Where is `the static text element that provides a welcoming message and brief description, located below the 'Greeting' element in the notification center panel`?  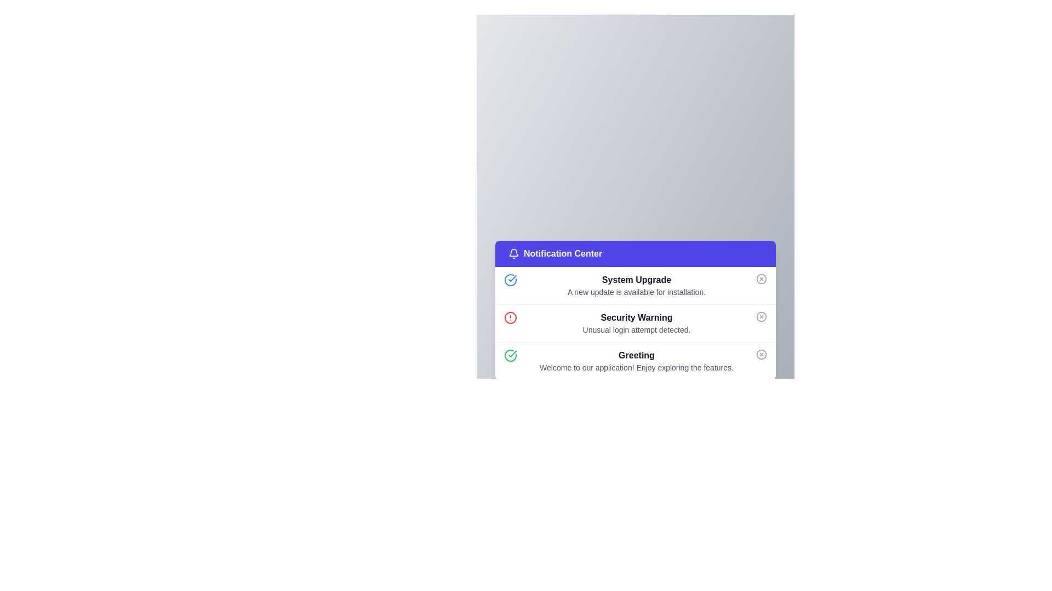
the static text element that provides a welcoming message and brief description, located below the 'Greeting' element in the notification center panel is located at coordinates (636, 367).